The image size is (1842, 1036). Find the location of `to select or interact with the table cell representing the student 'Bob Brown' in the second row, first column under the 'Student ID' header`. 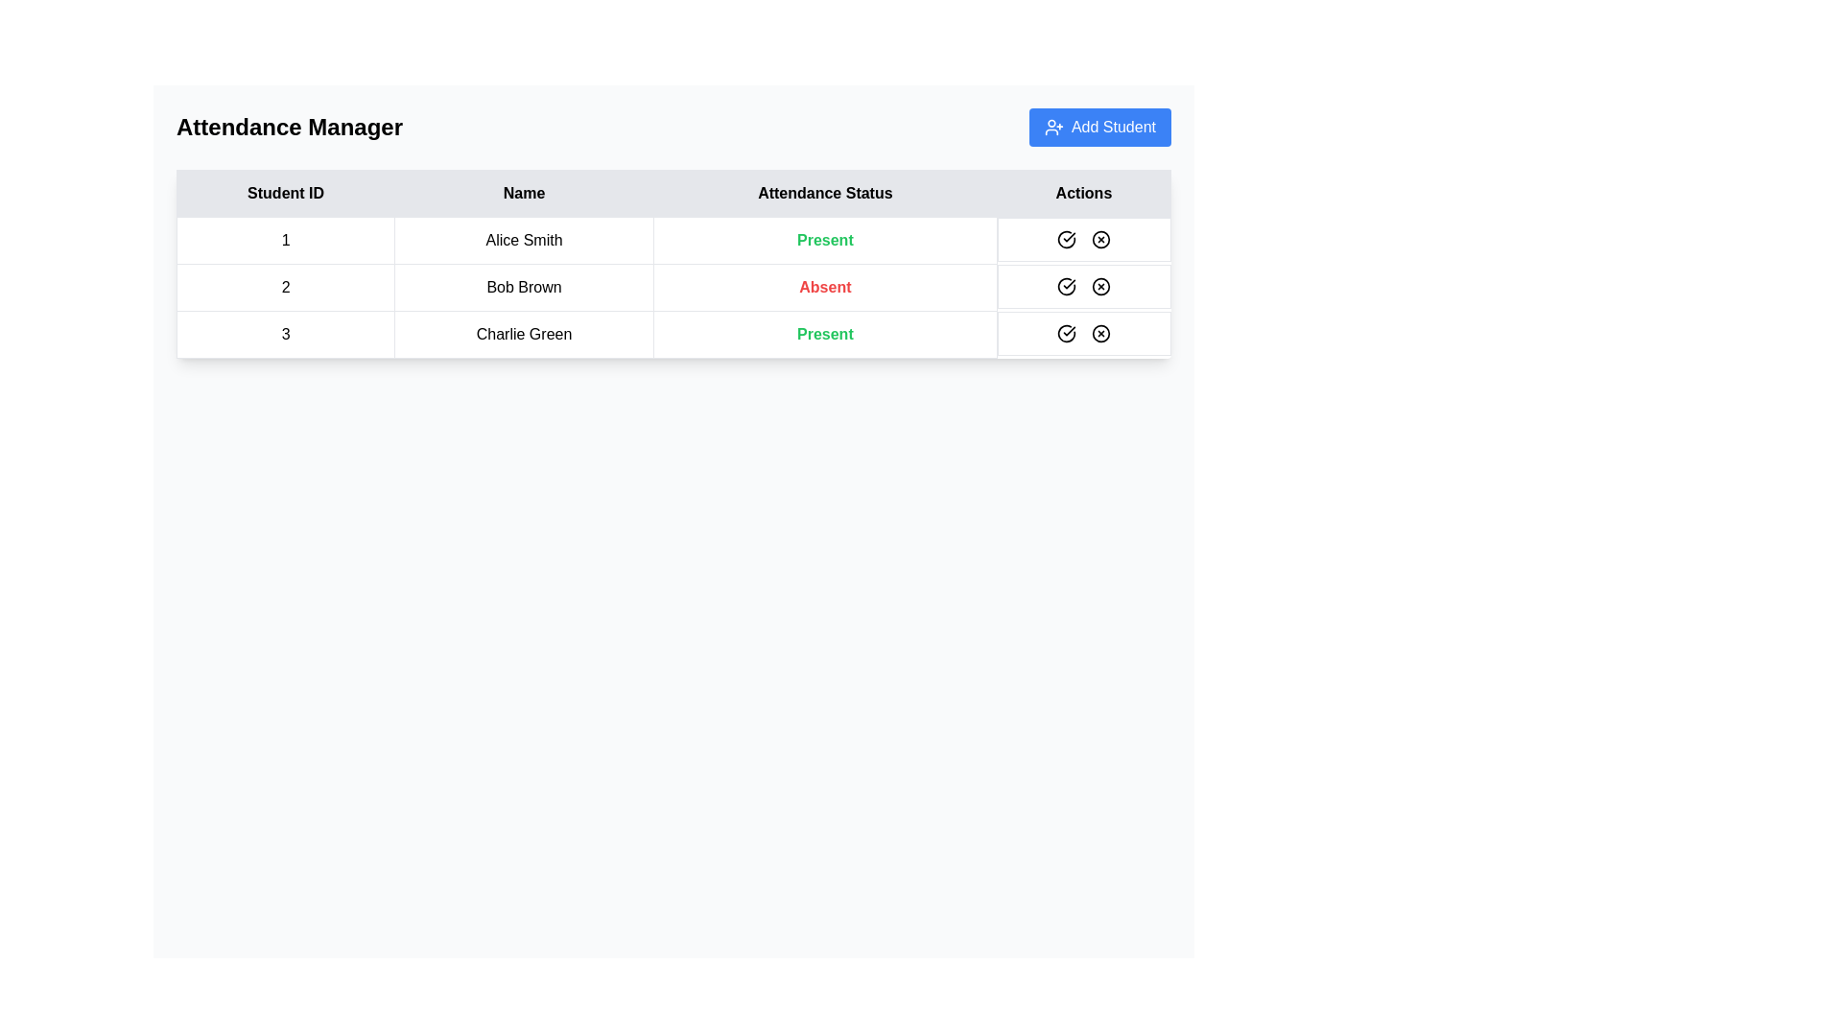

to select or interact with the table cell representing the student 'Bob Brown' in the second row, first column under the 'Student ID' header is located at coordinates (284, 288).